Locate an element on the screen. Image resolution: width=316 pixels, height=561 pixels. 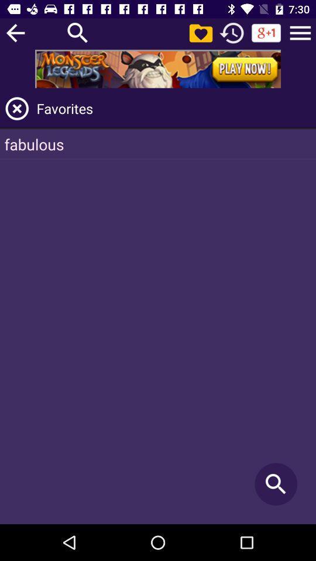
the search option is located at coordinates (78, 32).